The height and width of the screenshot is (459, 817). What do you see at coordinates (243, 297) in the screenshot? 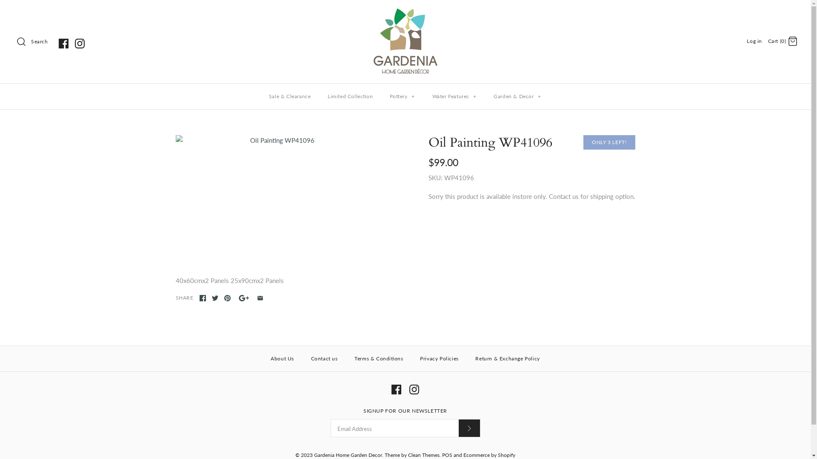
I see `'GooglePlus'` at bounding box center [243, 297].